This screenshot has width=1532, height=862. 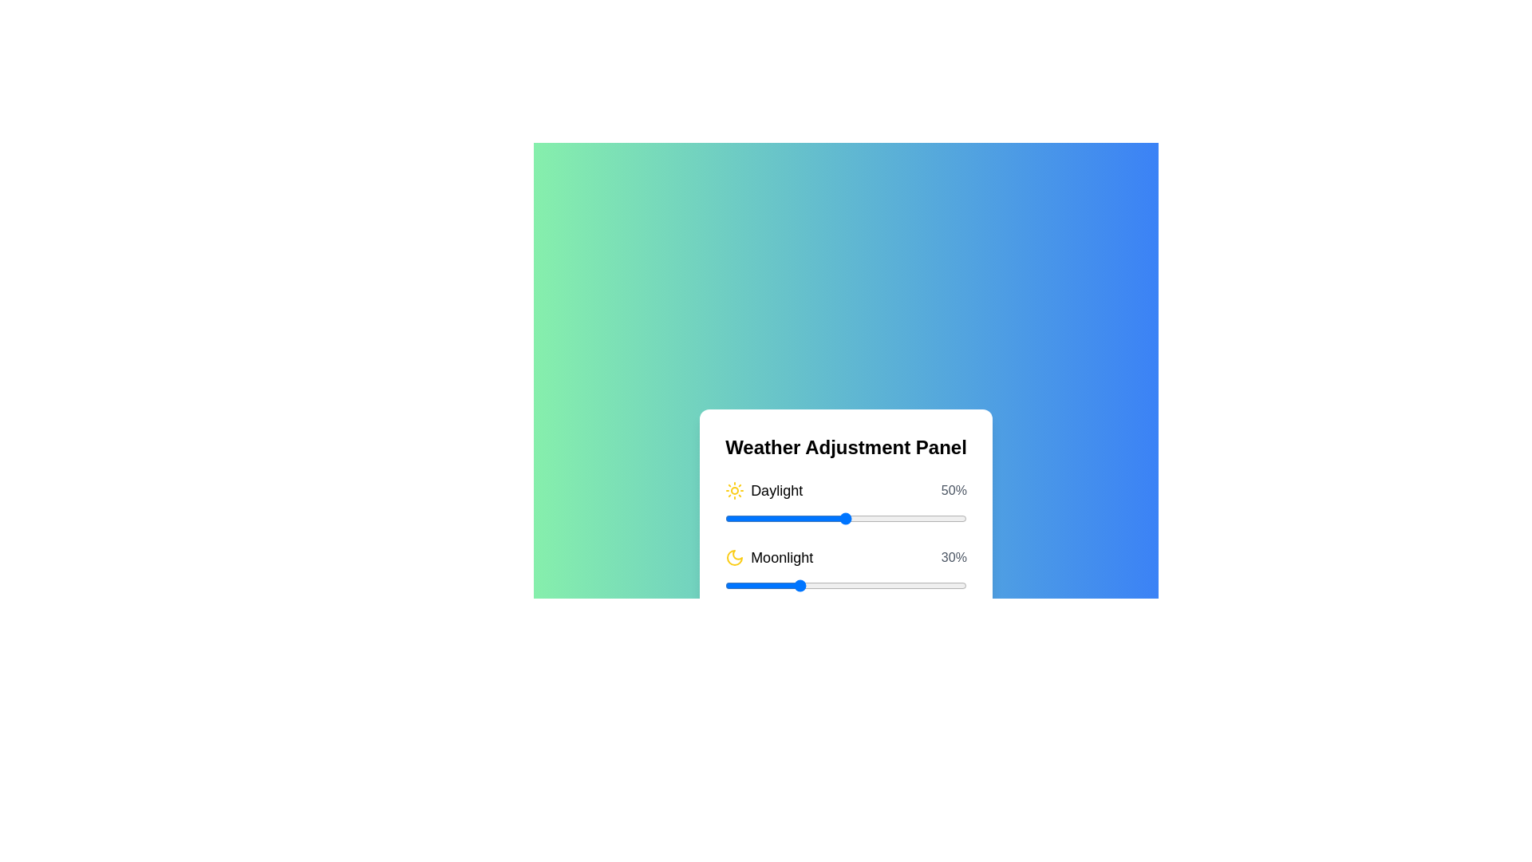 I want to click on the Daylight slider to 61%, so click(x=871, y=519).